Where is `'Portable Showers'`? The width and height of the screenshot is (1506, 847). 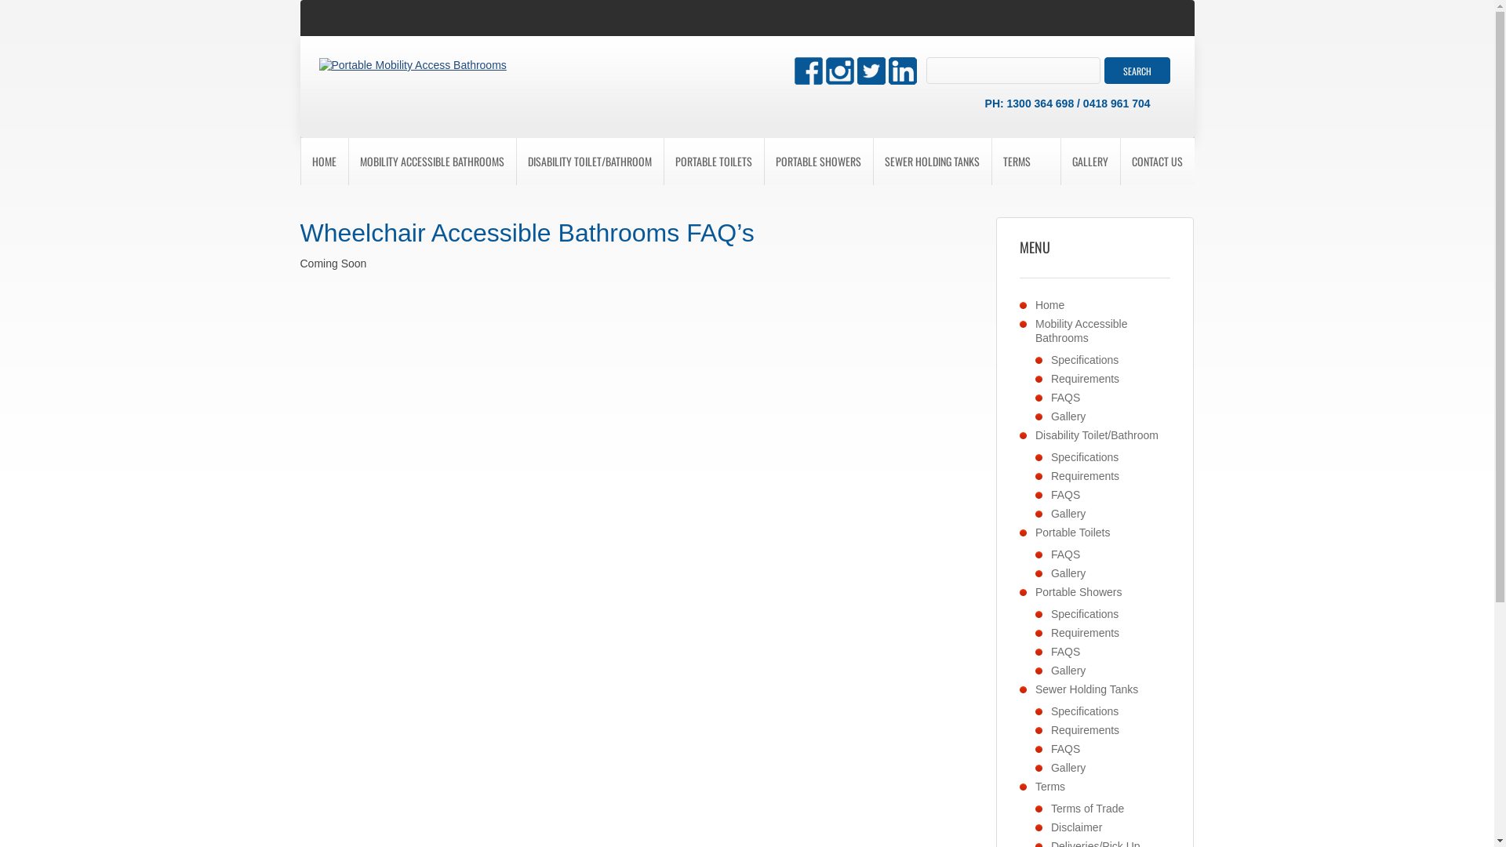
'Portable Showers' is located at coordinates (1078, 592).